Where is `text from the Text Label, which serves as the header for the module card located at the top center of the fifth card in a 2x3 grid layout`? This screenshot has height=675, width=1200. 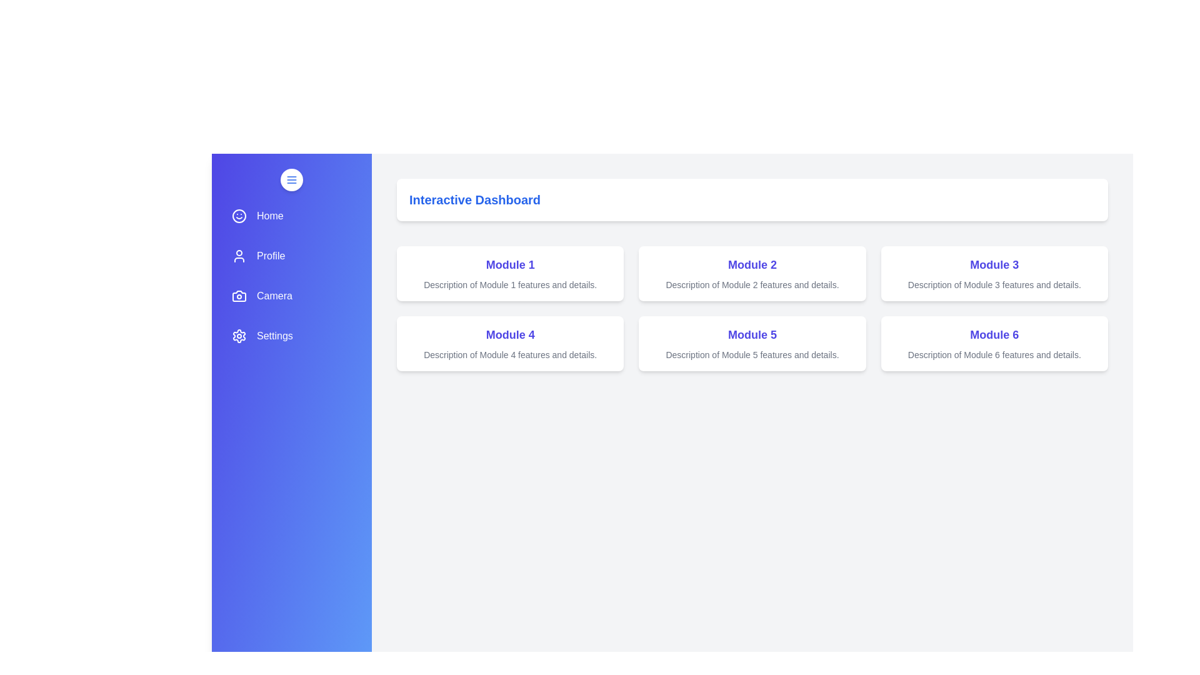 text from the Text Label, which serves as the header for the module card located at the top center of the fifth card in a 2x3 grid layout is located at coordinates (752, 334).